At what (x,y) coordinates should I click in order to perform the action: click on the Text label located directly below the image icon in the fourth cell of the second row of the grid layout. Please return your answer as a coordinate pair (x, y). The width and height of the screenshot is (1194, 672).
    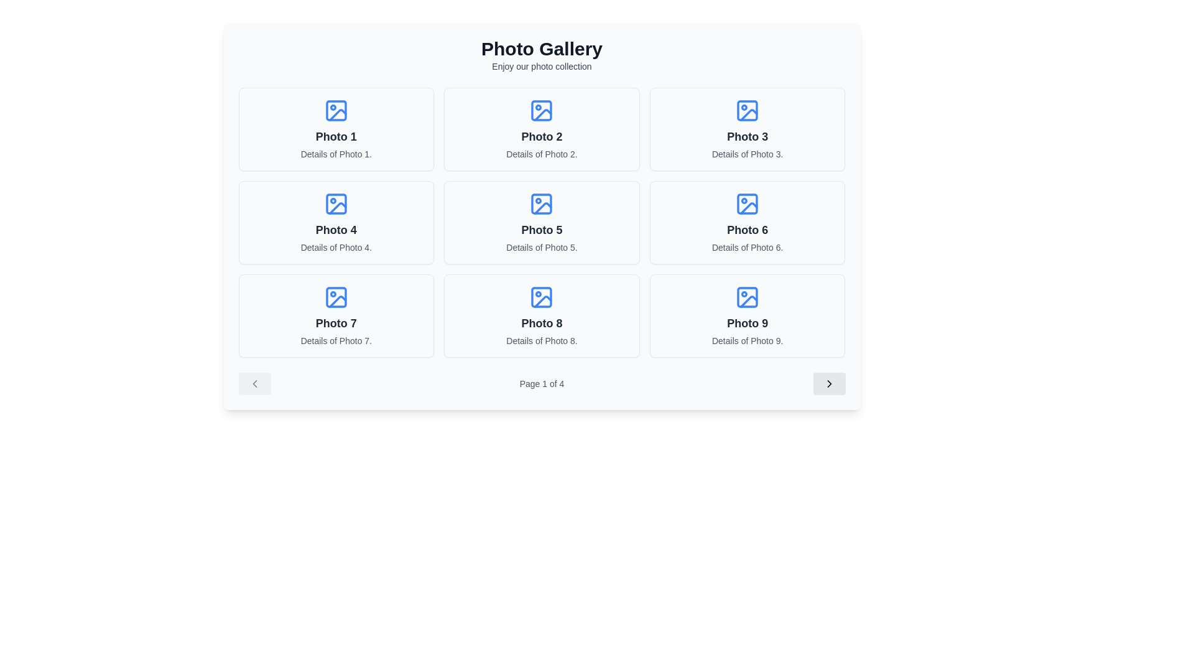
    Looking at the image, I should click on (336, 230).